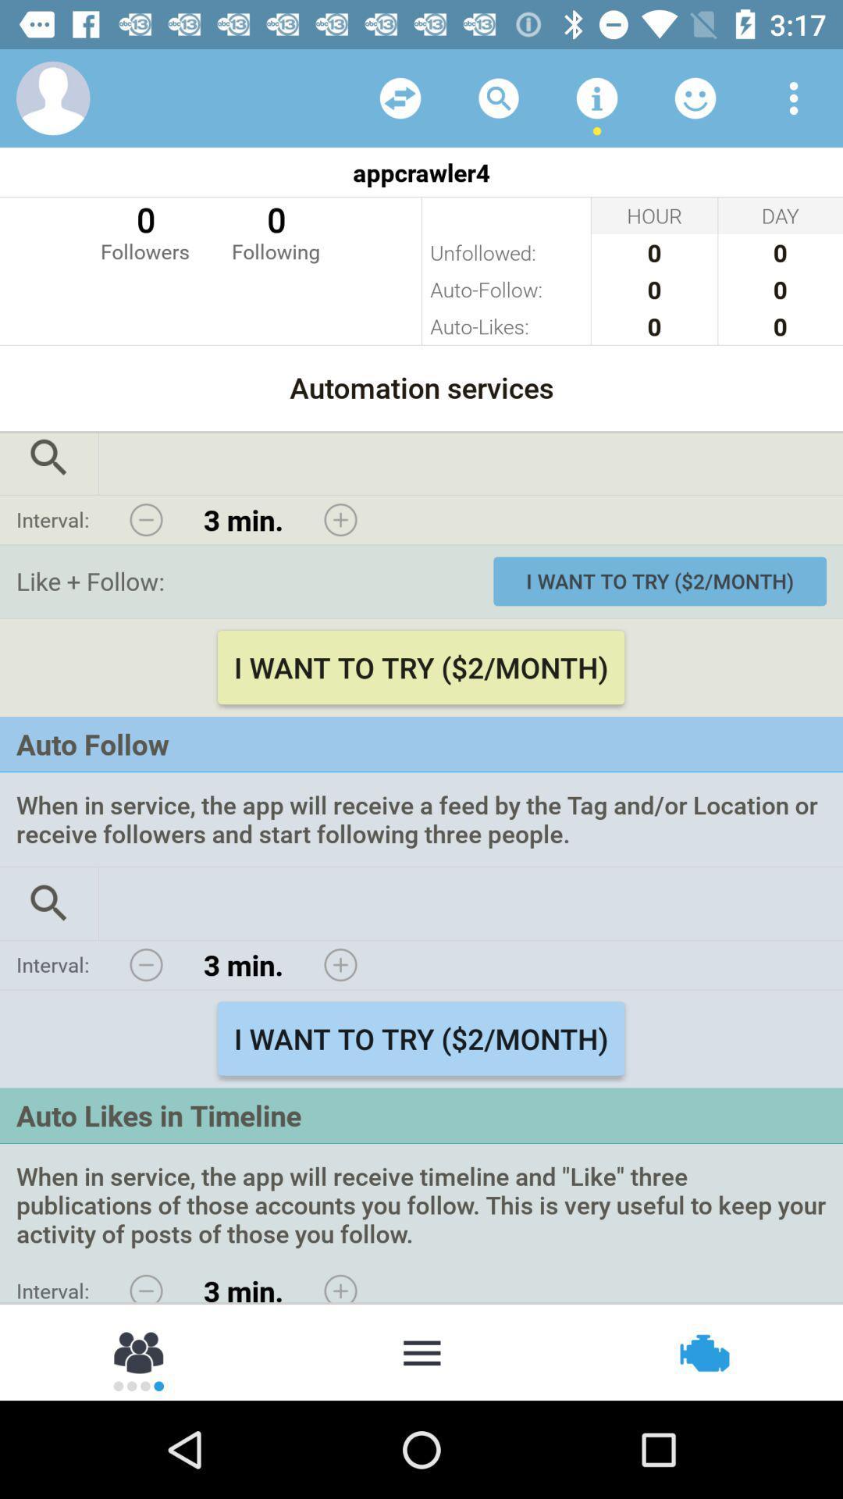  What do you see at coordinates (275, 230) in the screenshot?
I see `the 0` at bounding box center [275, 230].